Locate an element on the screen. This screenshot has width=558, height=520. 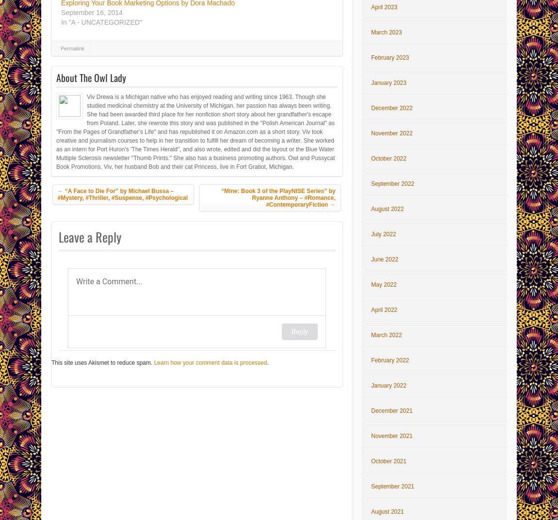
'March 2023' is located at coordinates (386, 32).